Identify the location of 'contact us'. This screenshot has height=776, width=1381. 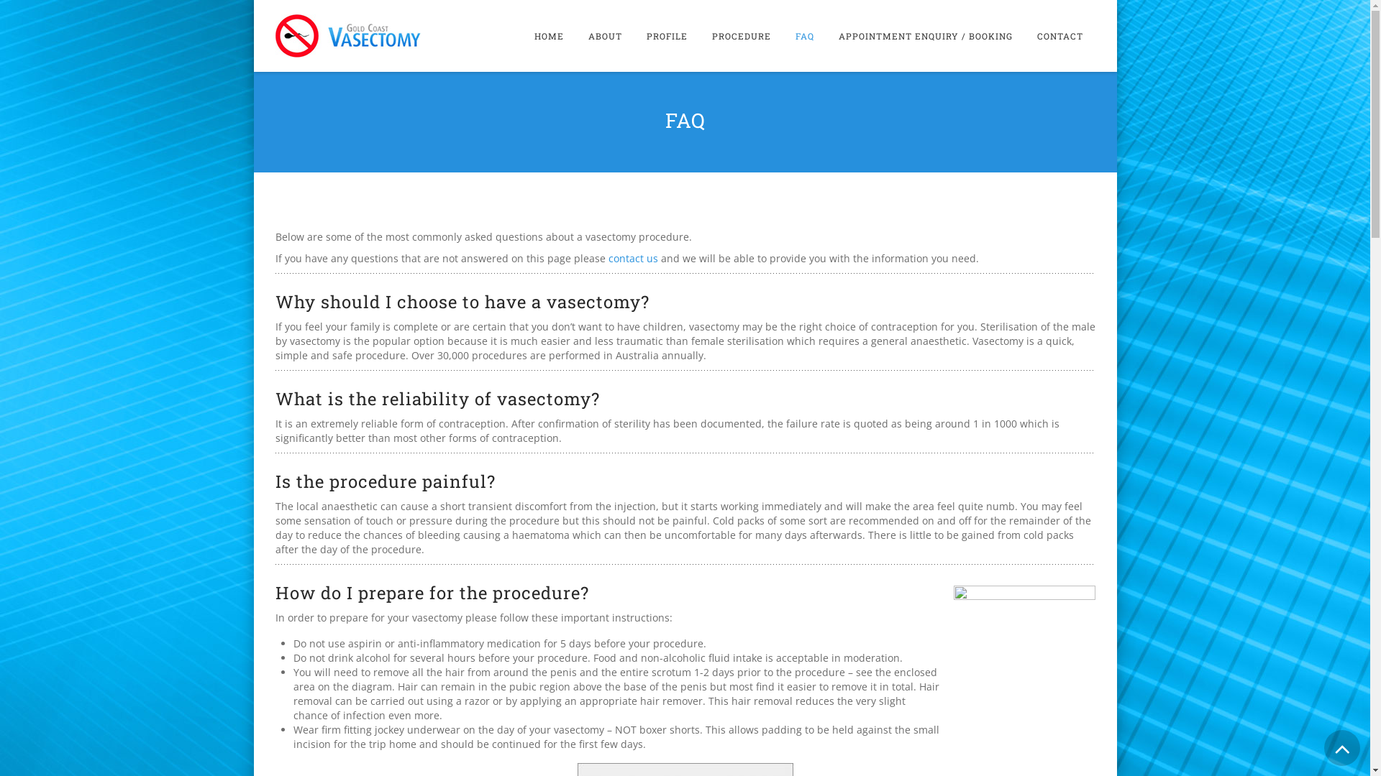
(633, 257).